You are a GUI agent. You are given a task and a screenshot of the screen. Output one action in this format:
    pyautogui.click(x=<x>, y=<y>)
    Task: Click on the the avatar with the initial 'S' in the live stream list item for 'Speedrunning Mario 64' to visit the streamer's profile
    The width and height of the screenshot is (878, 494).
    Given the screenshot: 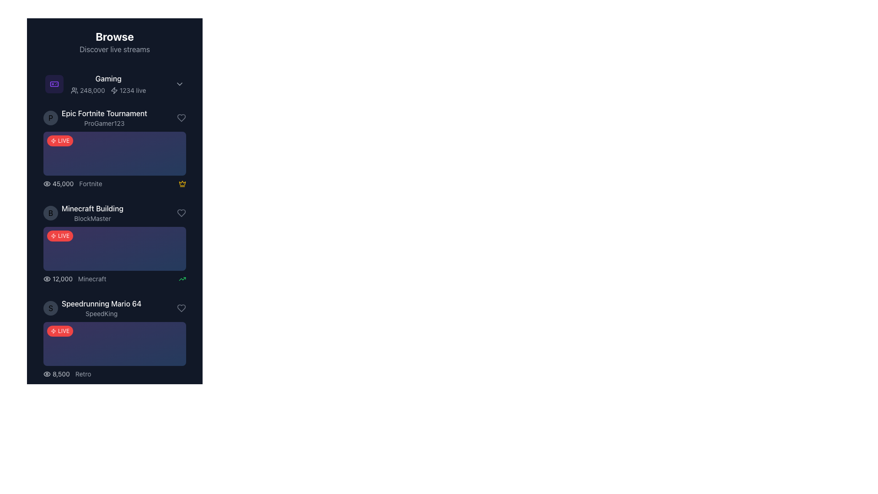 What is the action you would take?
    pyautogui.click(x=114, y=308)
    